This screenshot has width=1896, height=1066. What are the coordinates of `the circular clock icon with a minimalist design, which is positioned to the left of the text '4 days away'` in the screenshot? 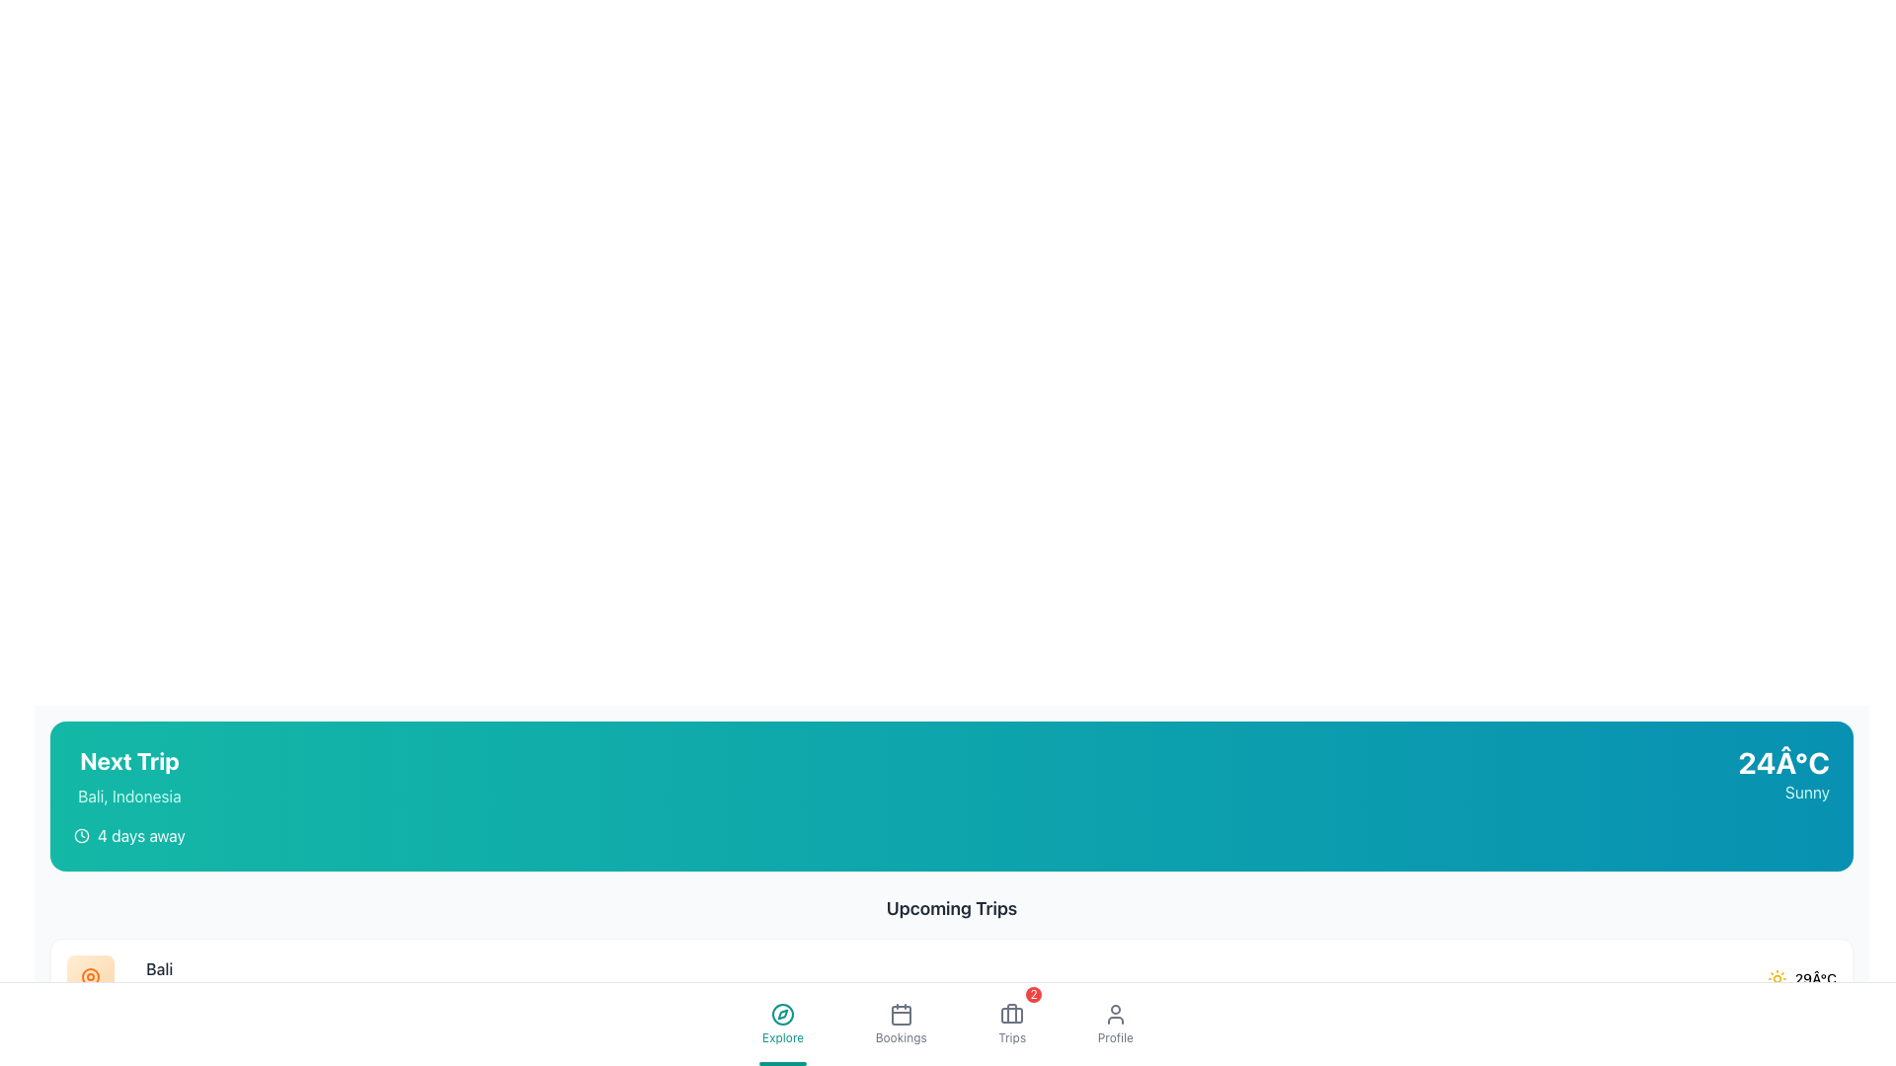 It's located at (80, 836).